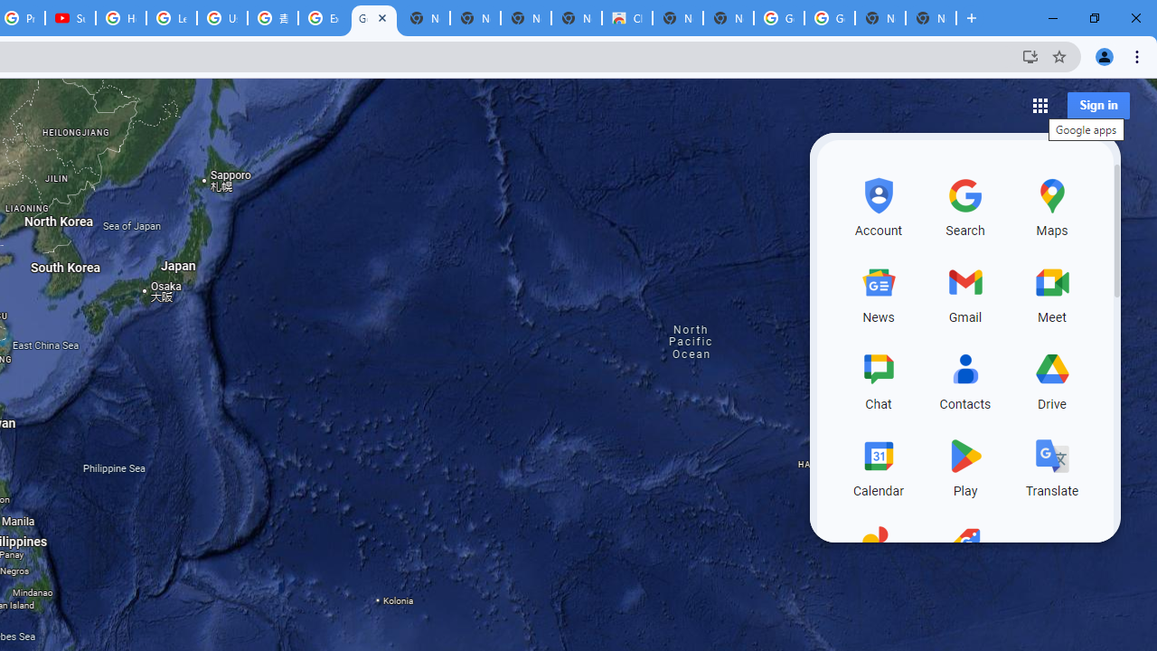 This screenshot has width=1157, height=651. I want to click on 'New Tab', so click(931, 18).